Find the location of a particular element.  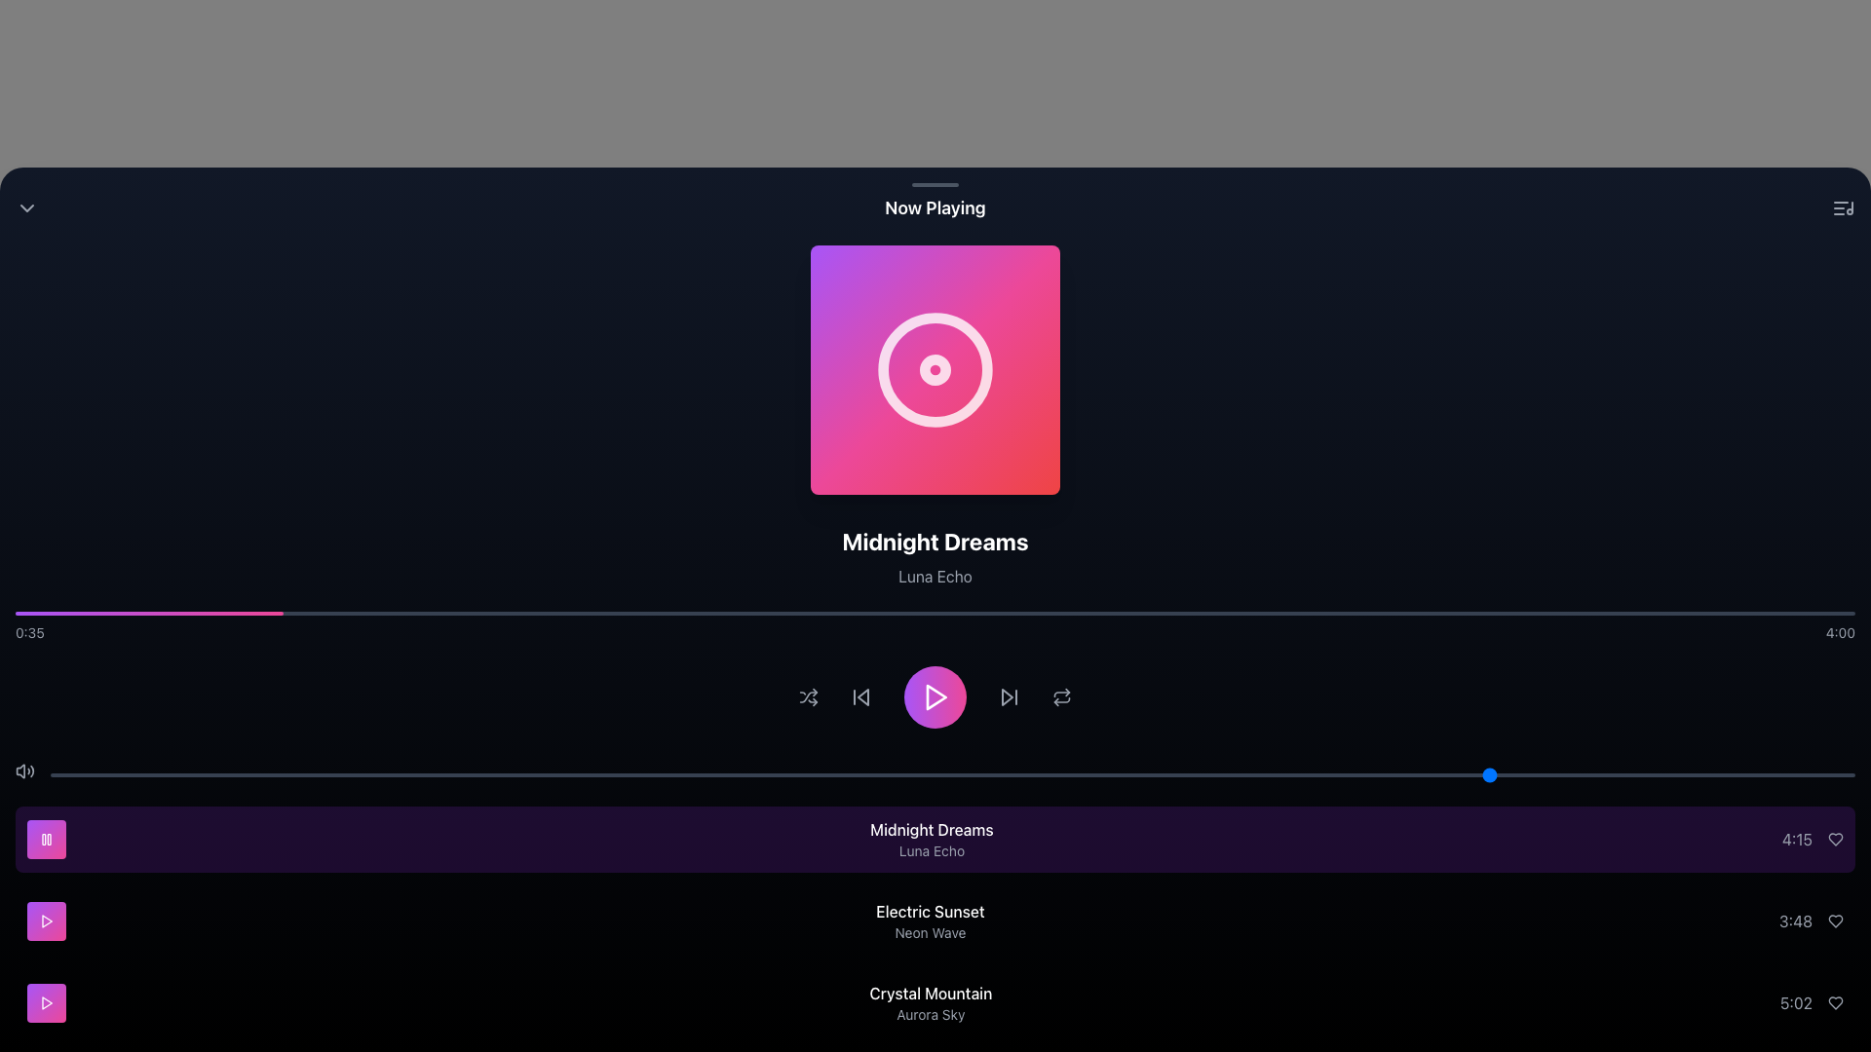

the slider value is located at coordinates (538, 773).